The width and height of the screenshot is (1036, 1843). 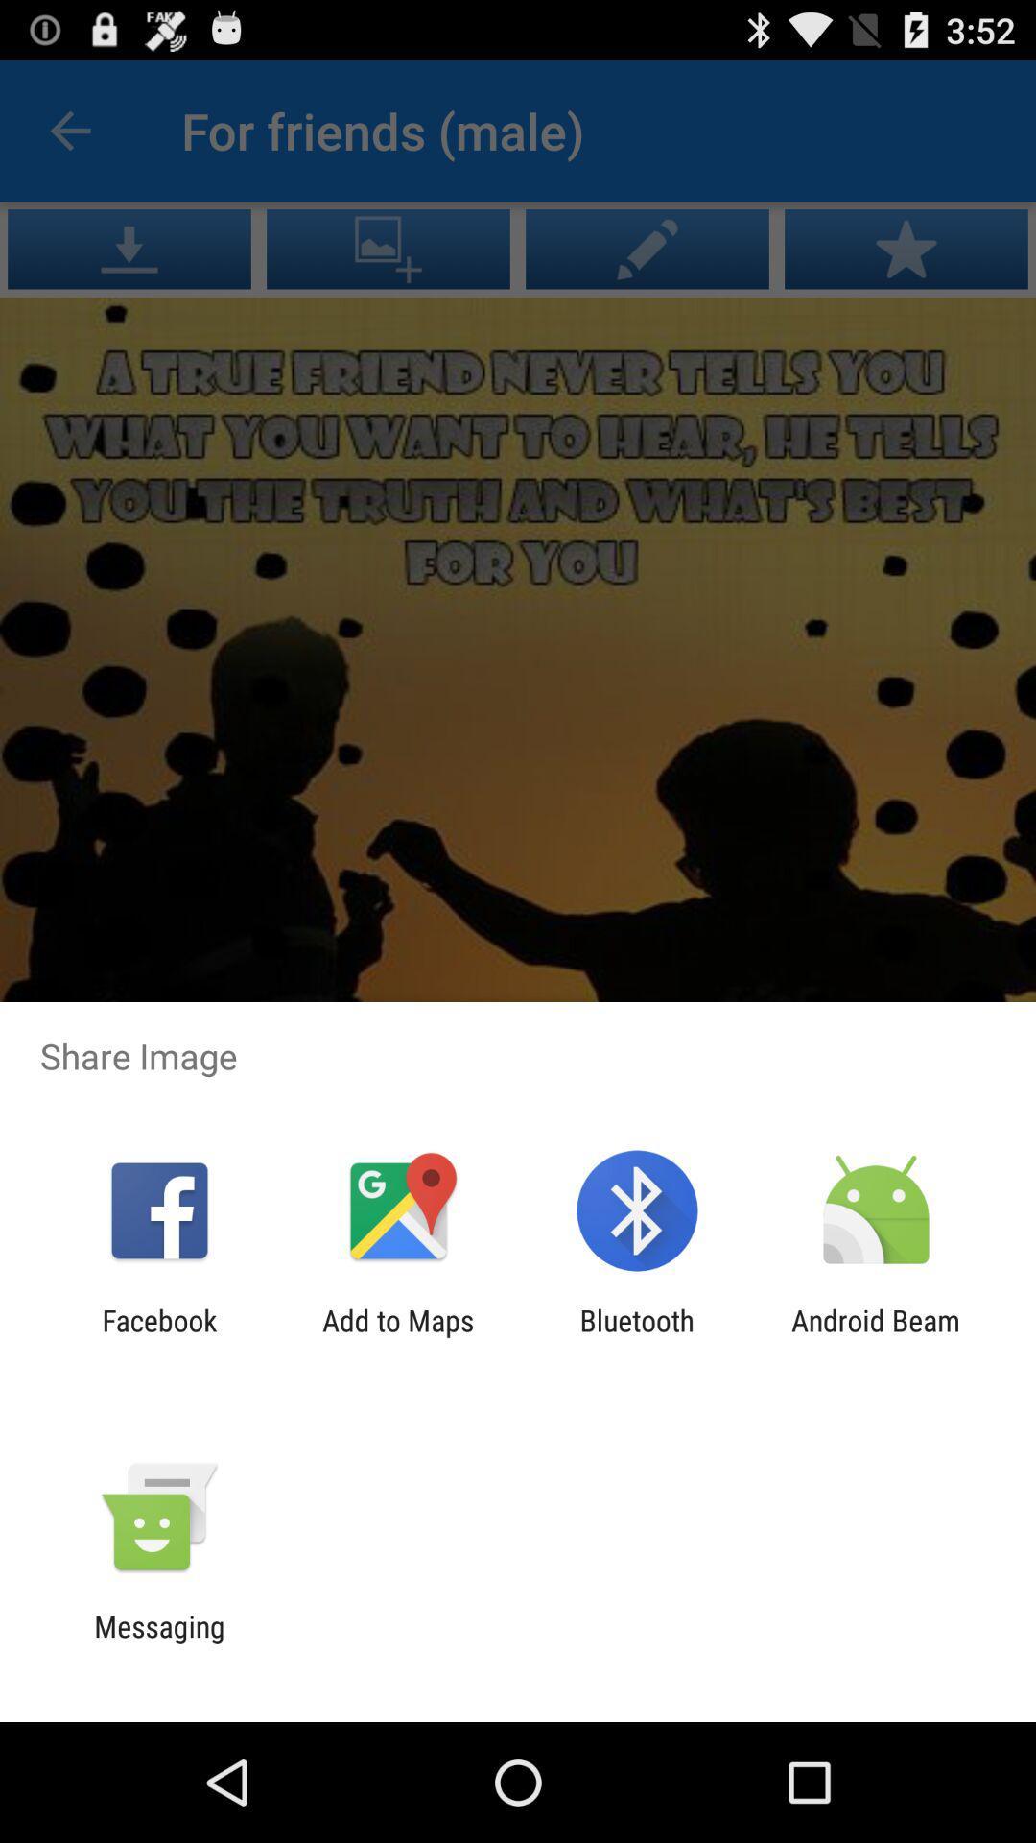 I want to click on the bluetooth item, so click(x=637, y=1336).